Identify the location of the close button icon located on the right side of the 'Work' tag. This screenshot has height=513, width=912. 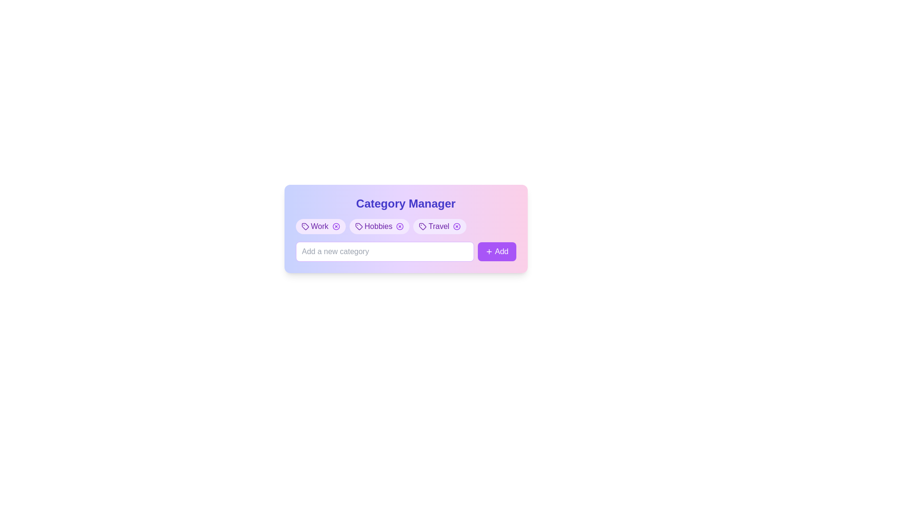
(336, 227).